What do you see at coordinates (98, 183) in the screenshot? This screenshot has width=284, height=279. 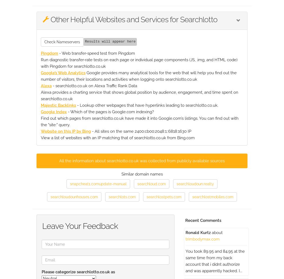 I see `'snapcheat1.comupdate-manual'` at bounding box center [98, 183].